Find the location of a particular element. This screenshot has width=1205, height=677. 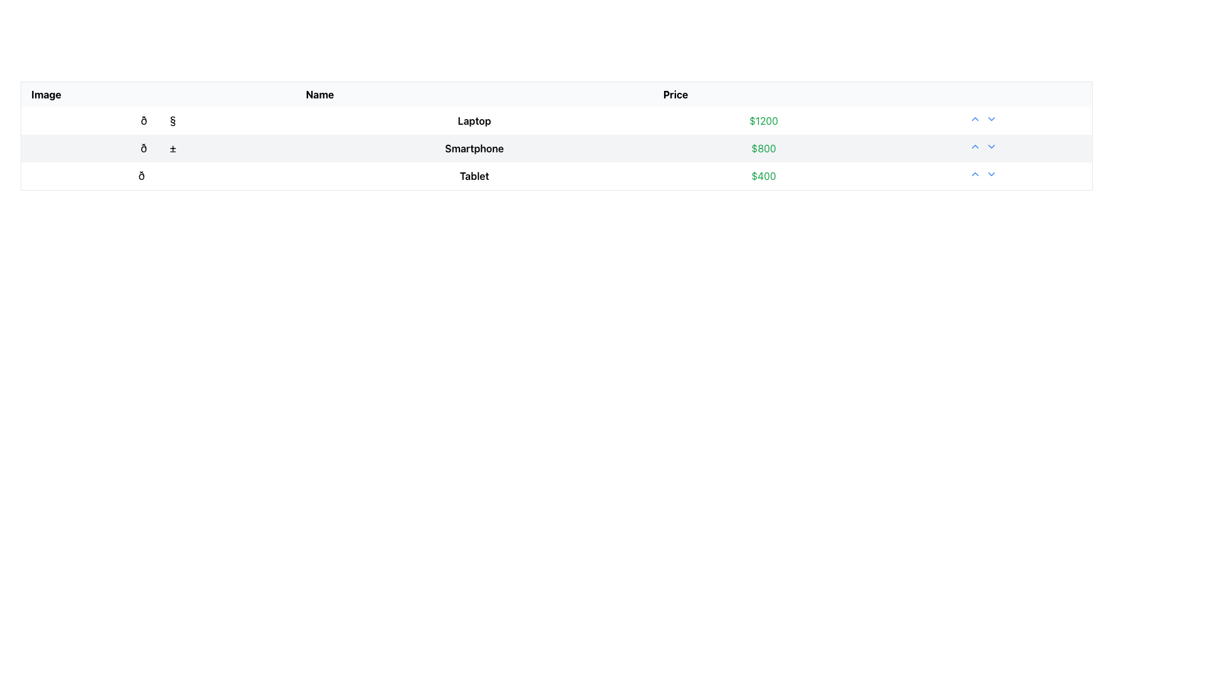

the control group arrows in the rightmost cell of the row containing the 'Smartphone' entry is located at coordinates (982, 147).